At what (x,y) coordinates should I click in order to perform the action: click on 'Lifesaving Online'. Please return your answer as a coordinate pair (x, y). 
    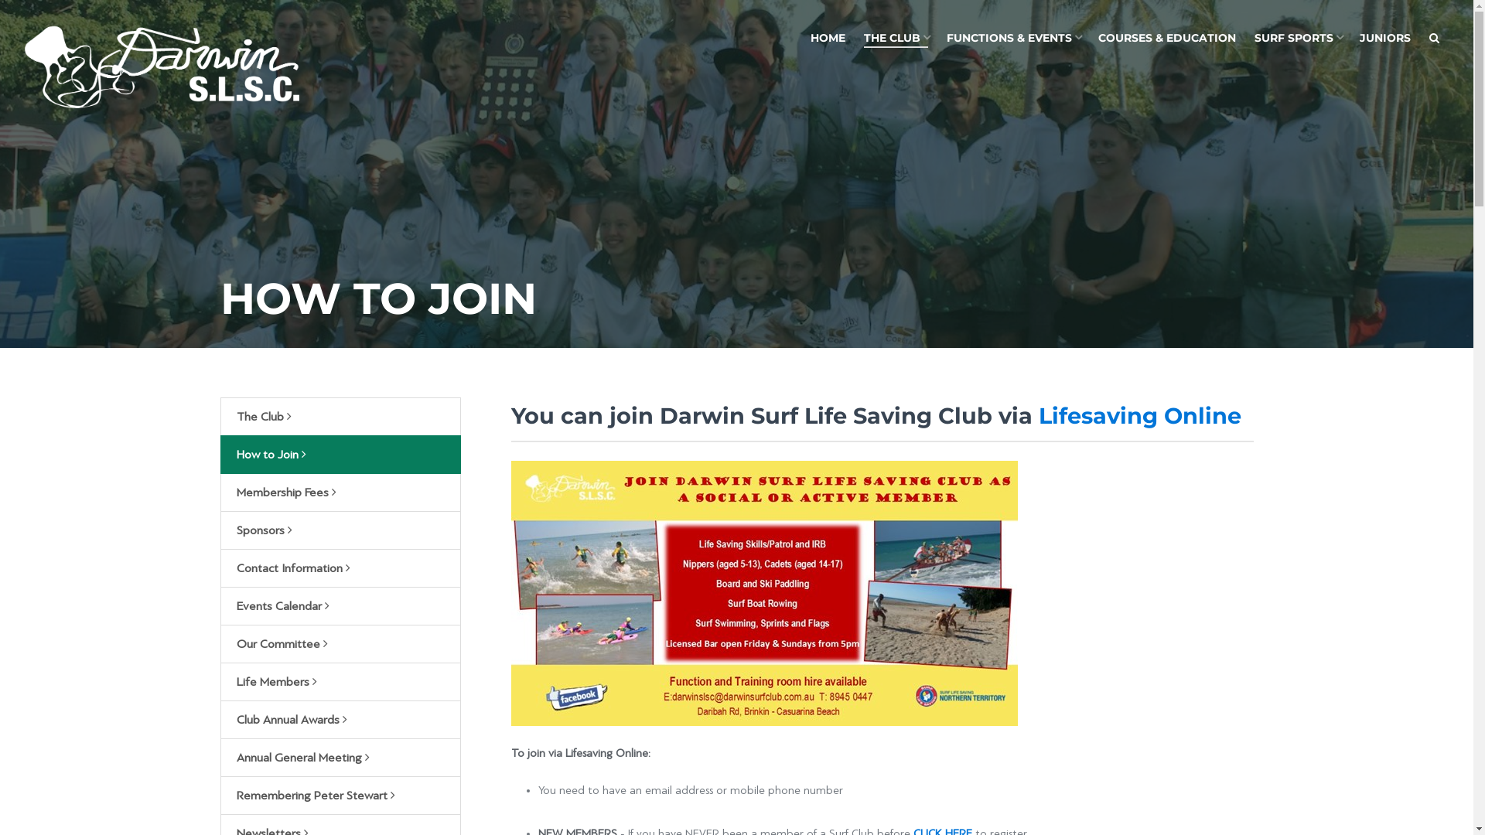
    Looking at the image, I should click on (1039, 414).